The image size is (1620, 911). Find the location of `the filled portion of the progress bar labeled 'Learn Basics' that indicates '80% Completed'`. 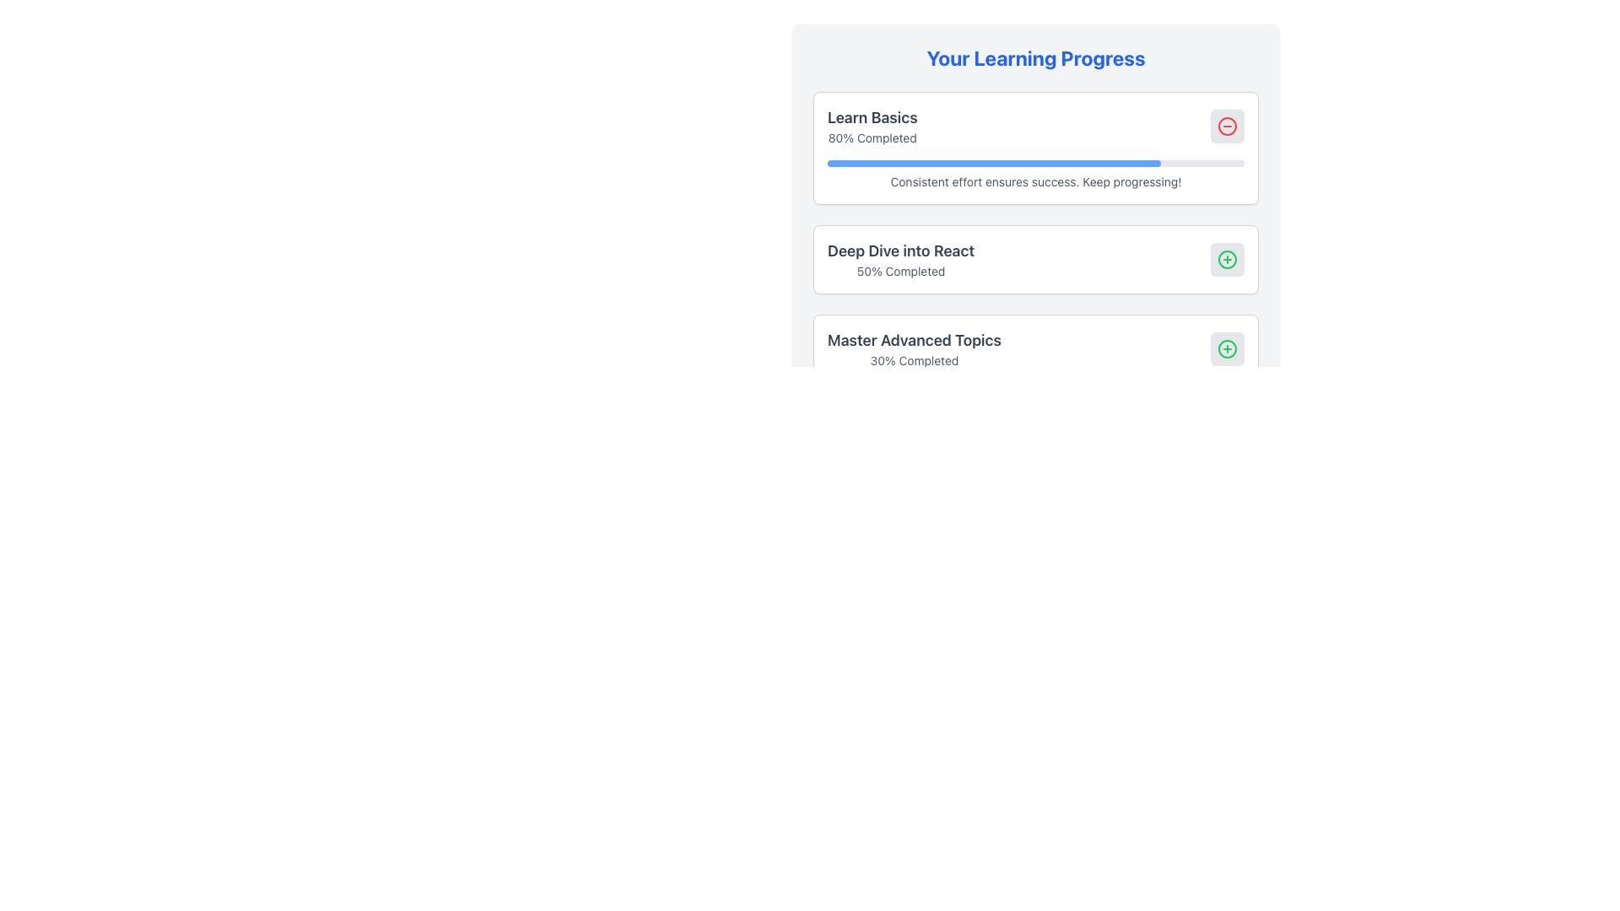

the filled portion of the progress bar labeled 'Learn Basics' that indicates '80% Completed' is located at coordinates (994, 163).